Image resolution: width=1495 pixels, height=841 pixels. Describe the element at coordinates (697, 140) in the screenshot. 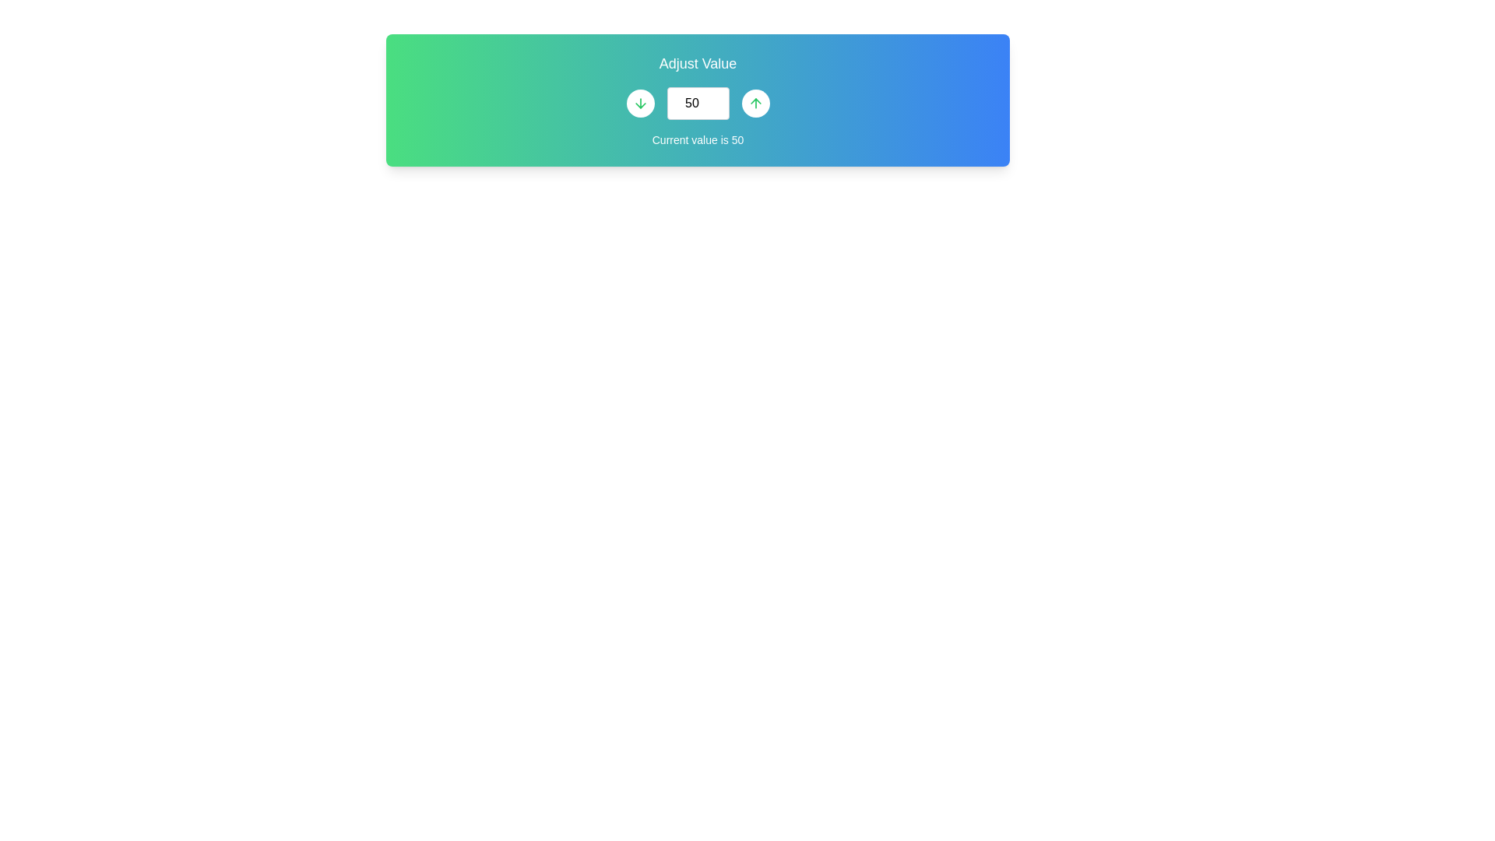

I see `the text label that displays the current numerical value set by the user, located directly below the numeric input box and arrow buttons` at that location.